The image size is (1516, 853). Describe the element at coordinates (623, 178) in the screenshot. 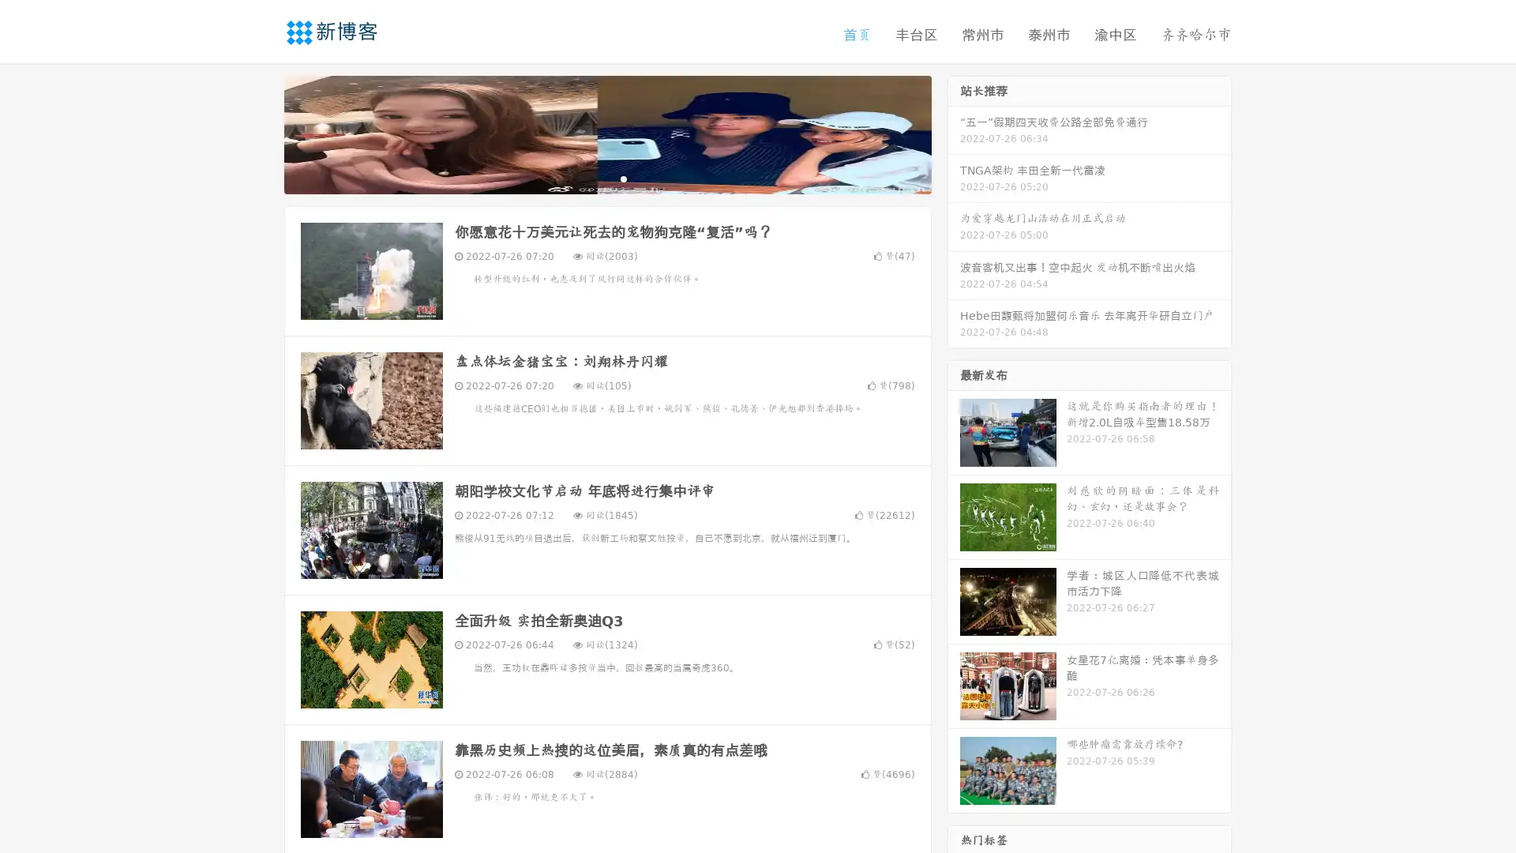

I see `Go to slide 3` at that location.